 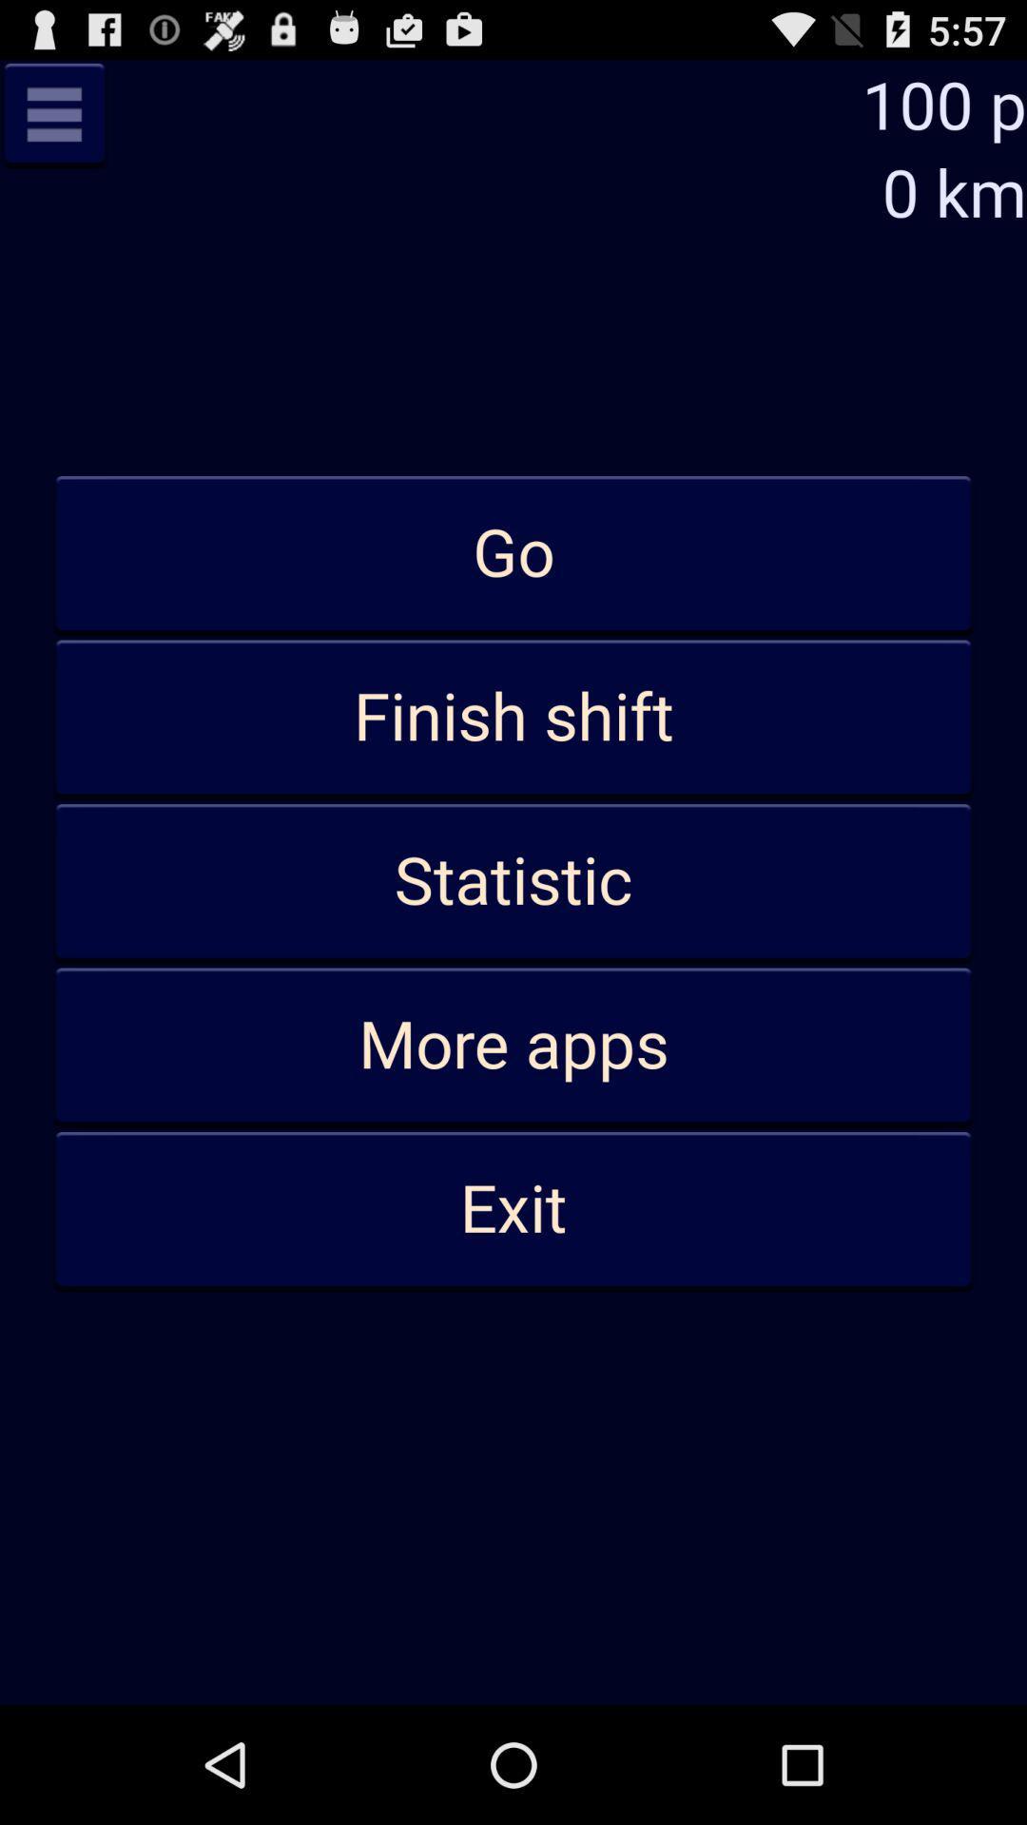 I want to click on the app below the statistic app, so click(x=513, y=1045).